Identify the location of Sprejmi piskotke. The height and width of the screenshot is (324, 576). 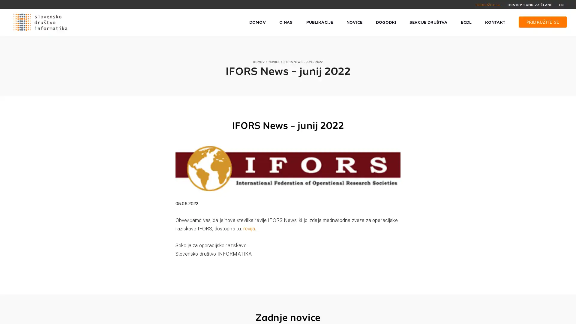
(386, 316).